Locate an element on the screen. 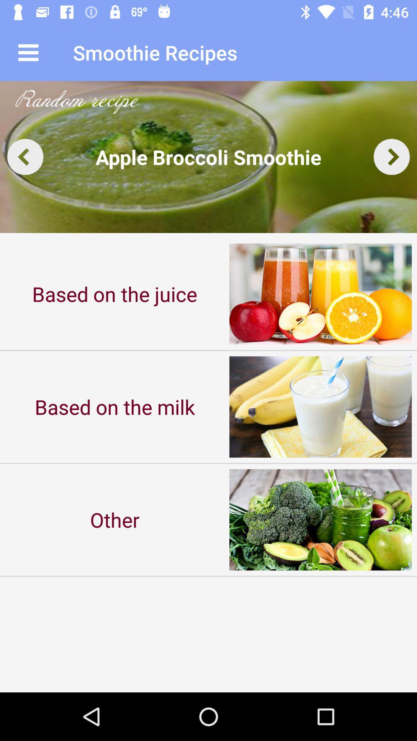 This screenshot has width=417, height=741. the item above based on the icon is located at coordinates (208, 156).